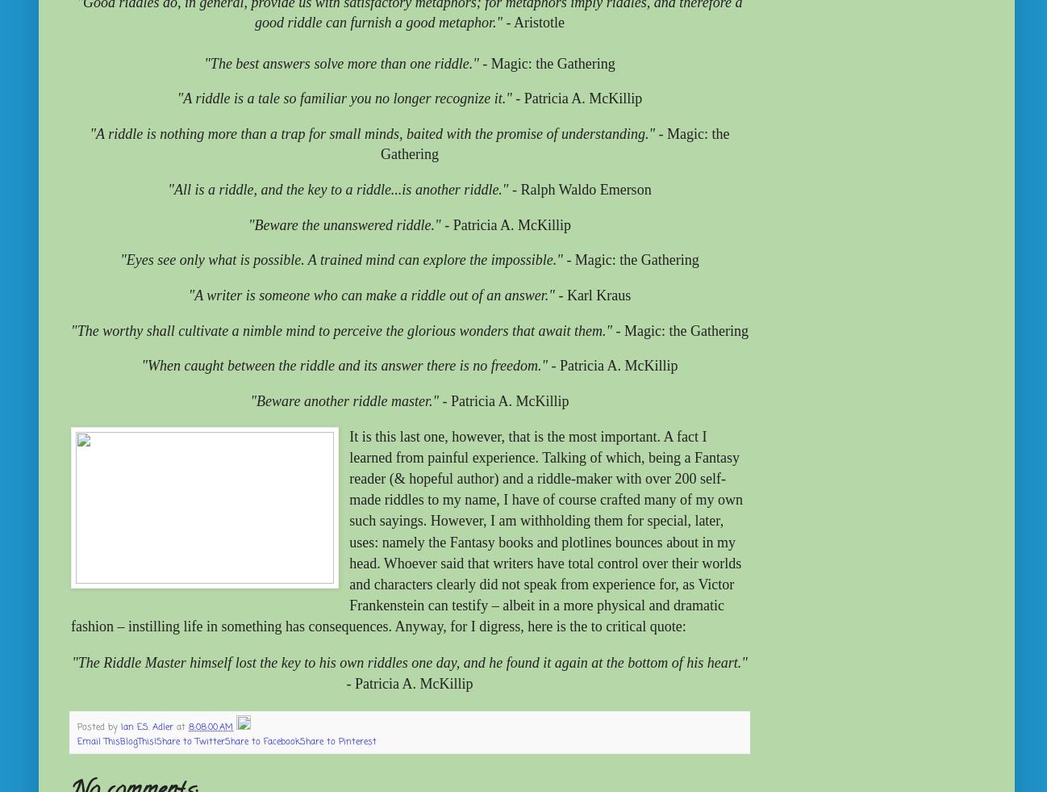  What do you see at coordinates (89, 132) in the screenshot?
I see `'"A riddle is nothing more than a trap for small minds, baited with the promise of understanding."'` at bounding box center [89, 132].